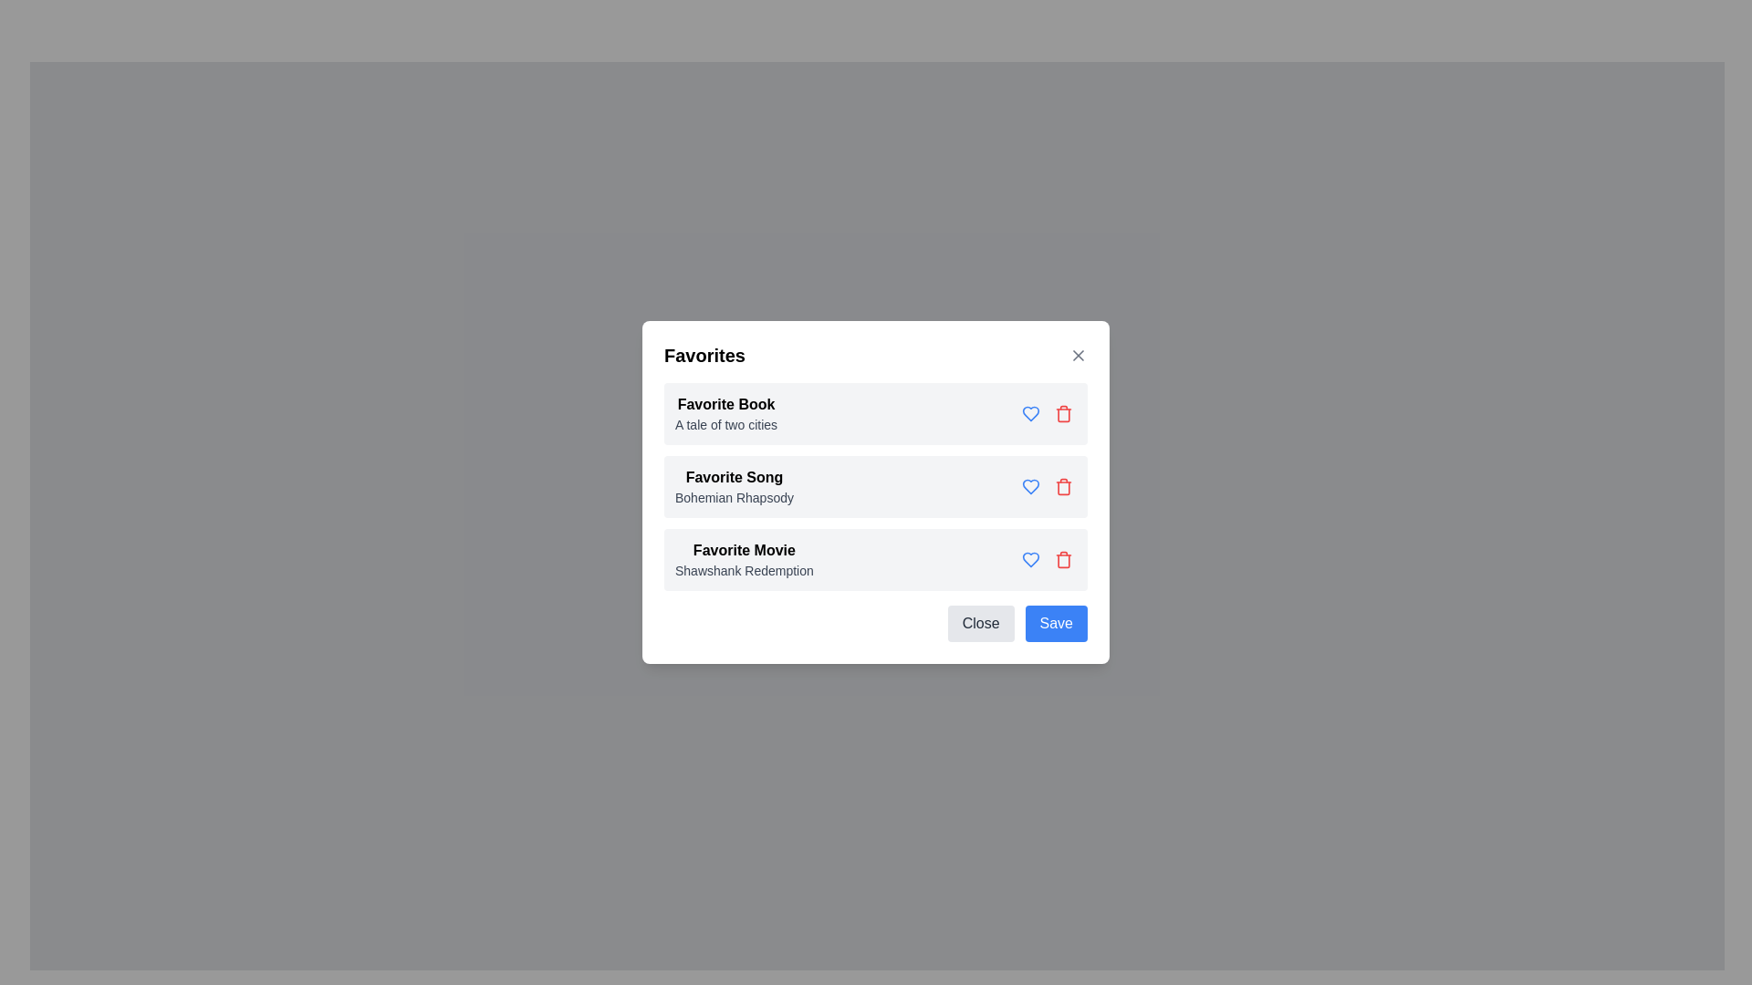  What do you see at coordinates (1064, 487) in the screenshot?
I see `the trash bin icon in the 'Favorites' dialog for 'Favorite Song'` at bounding box center [1064, 487].